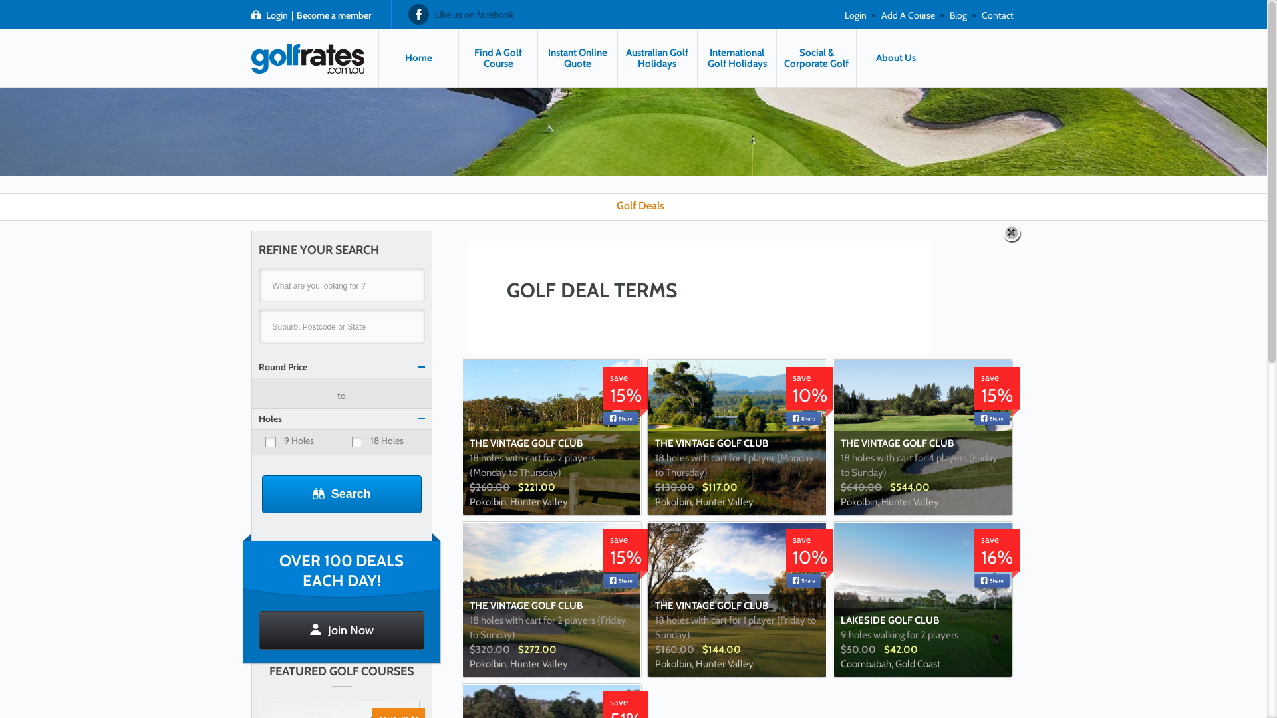 The image size is (1277, 718). I want to click on 'Login', so click(841, 13).